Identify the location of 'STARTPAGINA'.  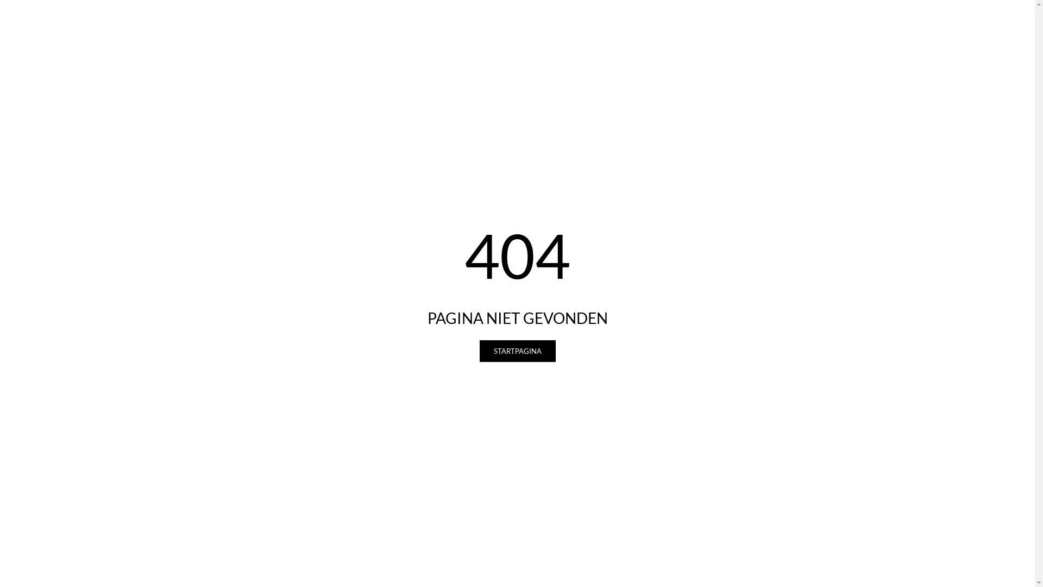
(516, 351).